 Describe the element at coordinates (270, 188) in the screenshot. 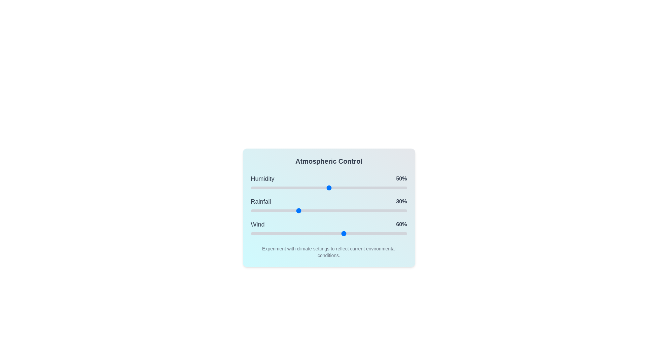

I see `the 0 slider to 12%` at that location.